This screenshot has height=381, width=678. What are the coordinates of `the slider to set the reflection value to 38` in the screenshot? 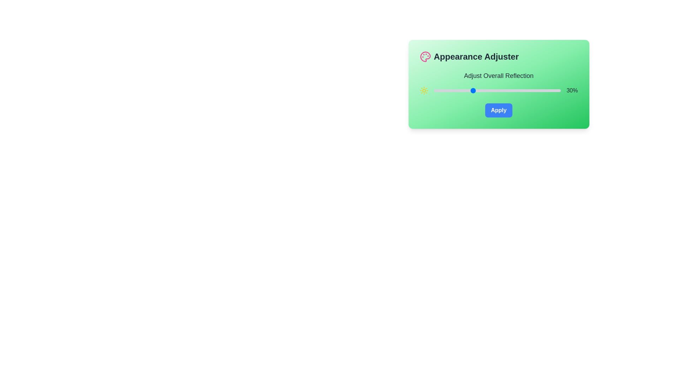 It's located at (482, 90).